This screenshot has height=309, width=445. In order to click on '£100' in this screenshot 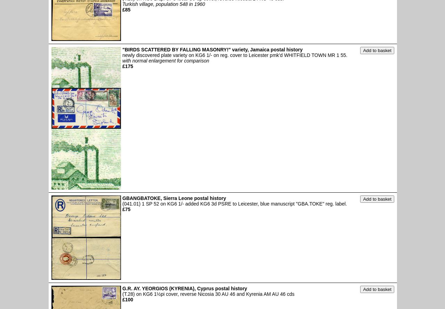, I will do `click(128, 299)`.